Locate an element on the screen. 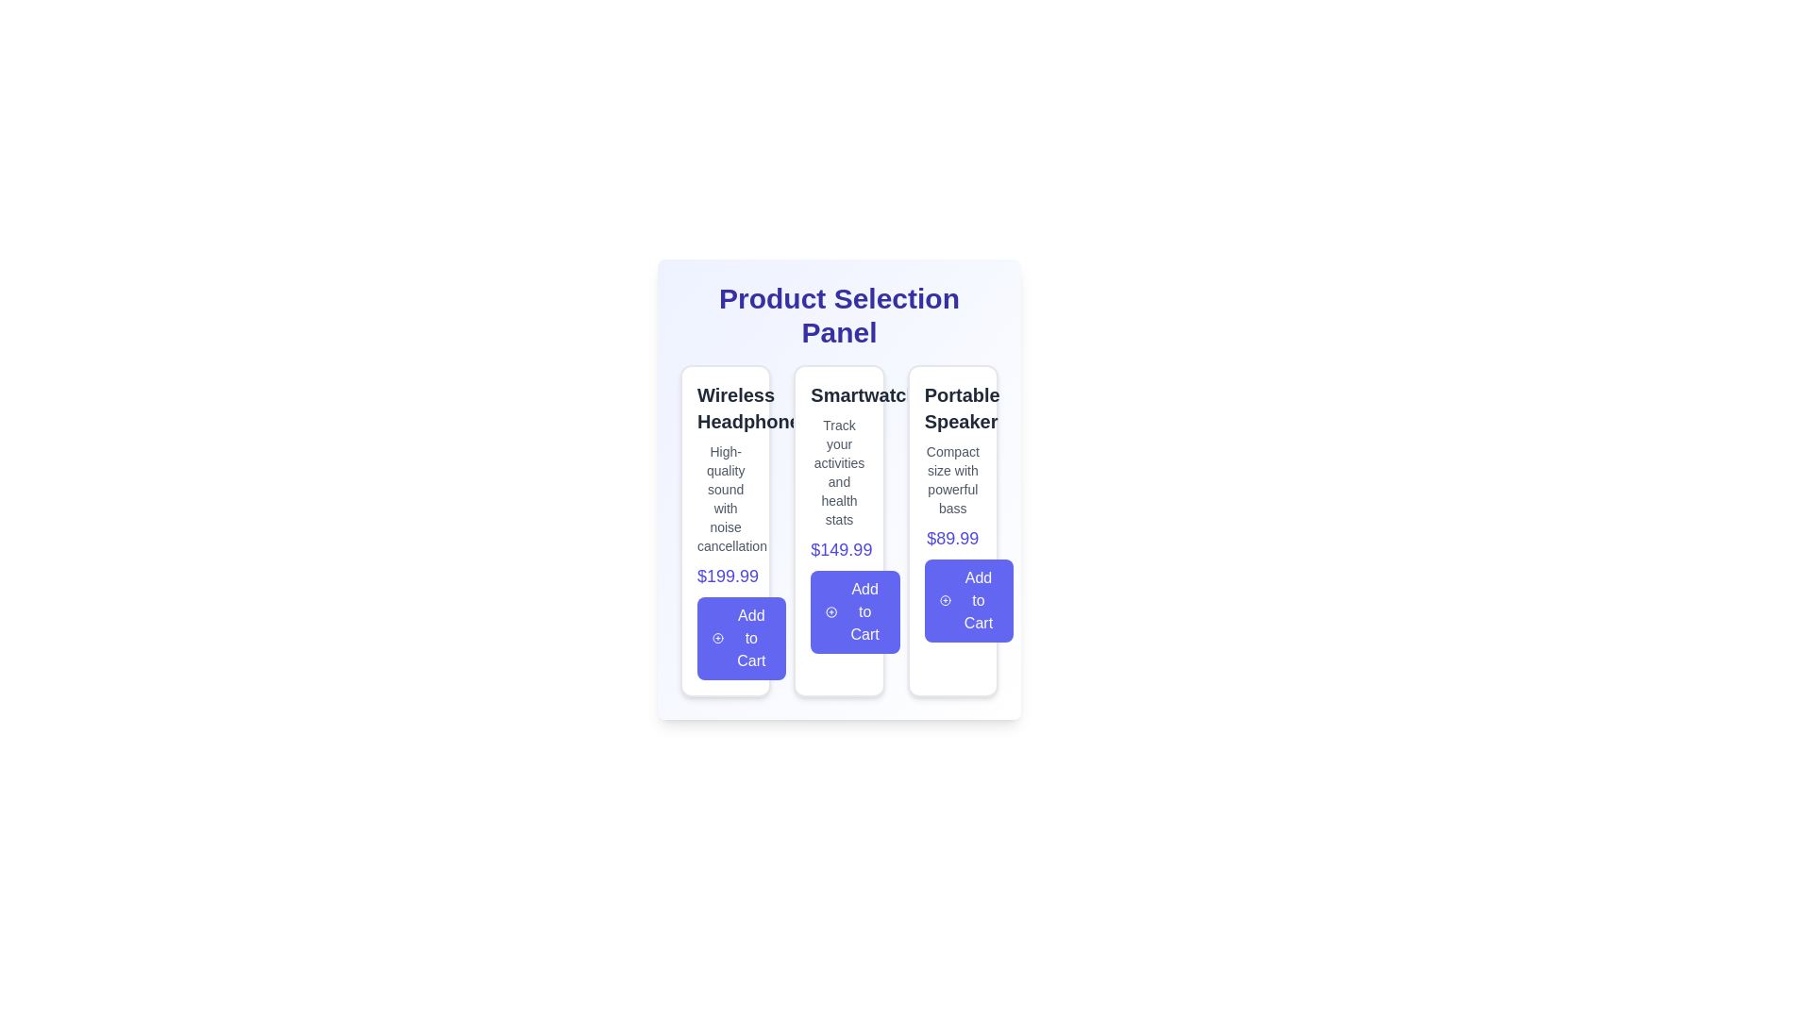 The image size is (1812, 1019). the price text label '$149.99' displayed in indigo font, located in the second product card for 'Smartwatch' is located at coordinates (838, 549).